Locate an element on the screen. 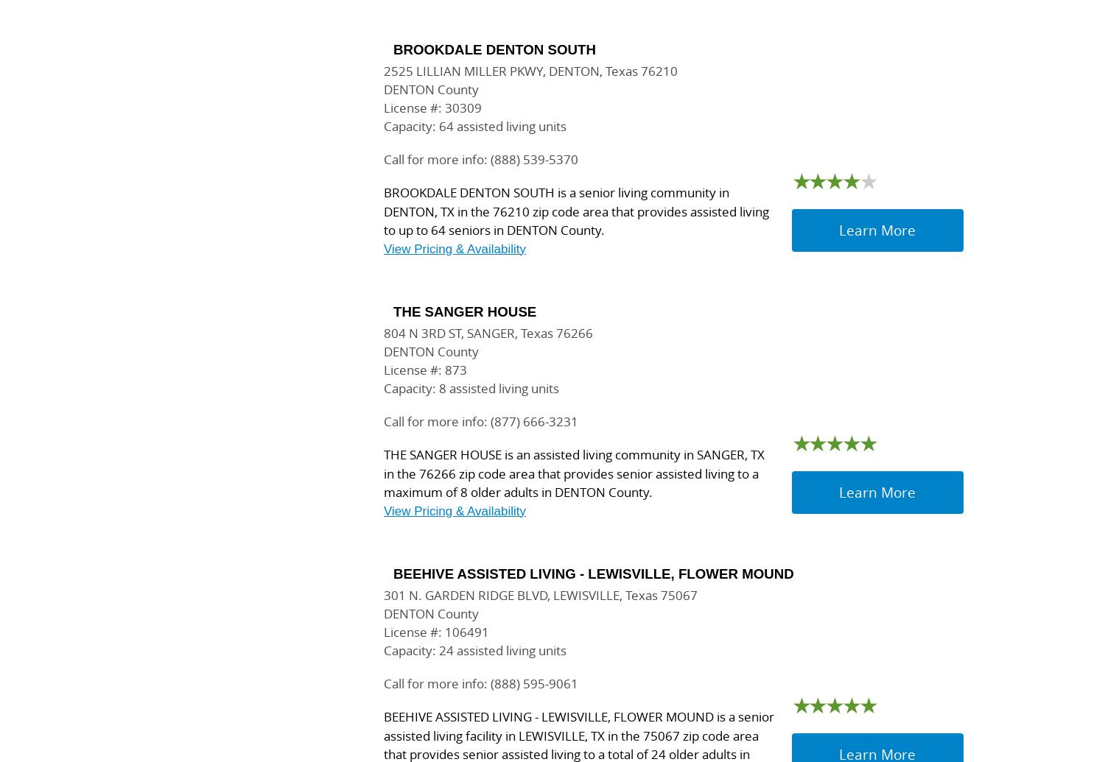 This screenshot has width=1105, height=762. 'BROOKDALE DENTON SOUTH is a senior living community in DENTON, TX in the 76210 zip code area that provides assisted living to up to 64 seniors in DENTON County.' is located at coordinates (383, 211).